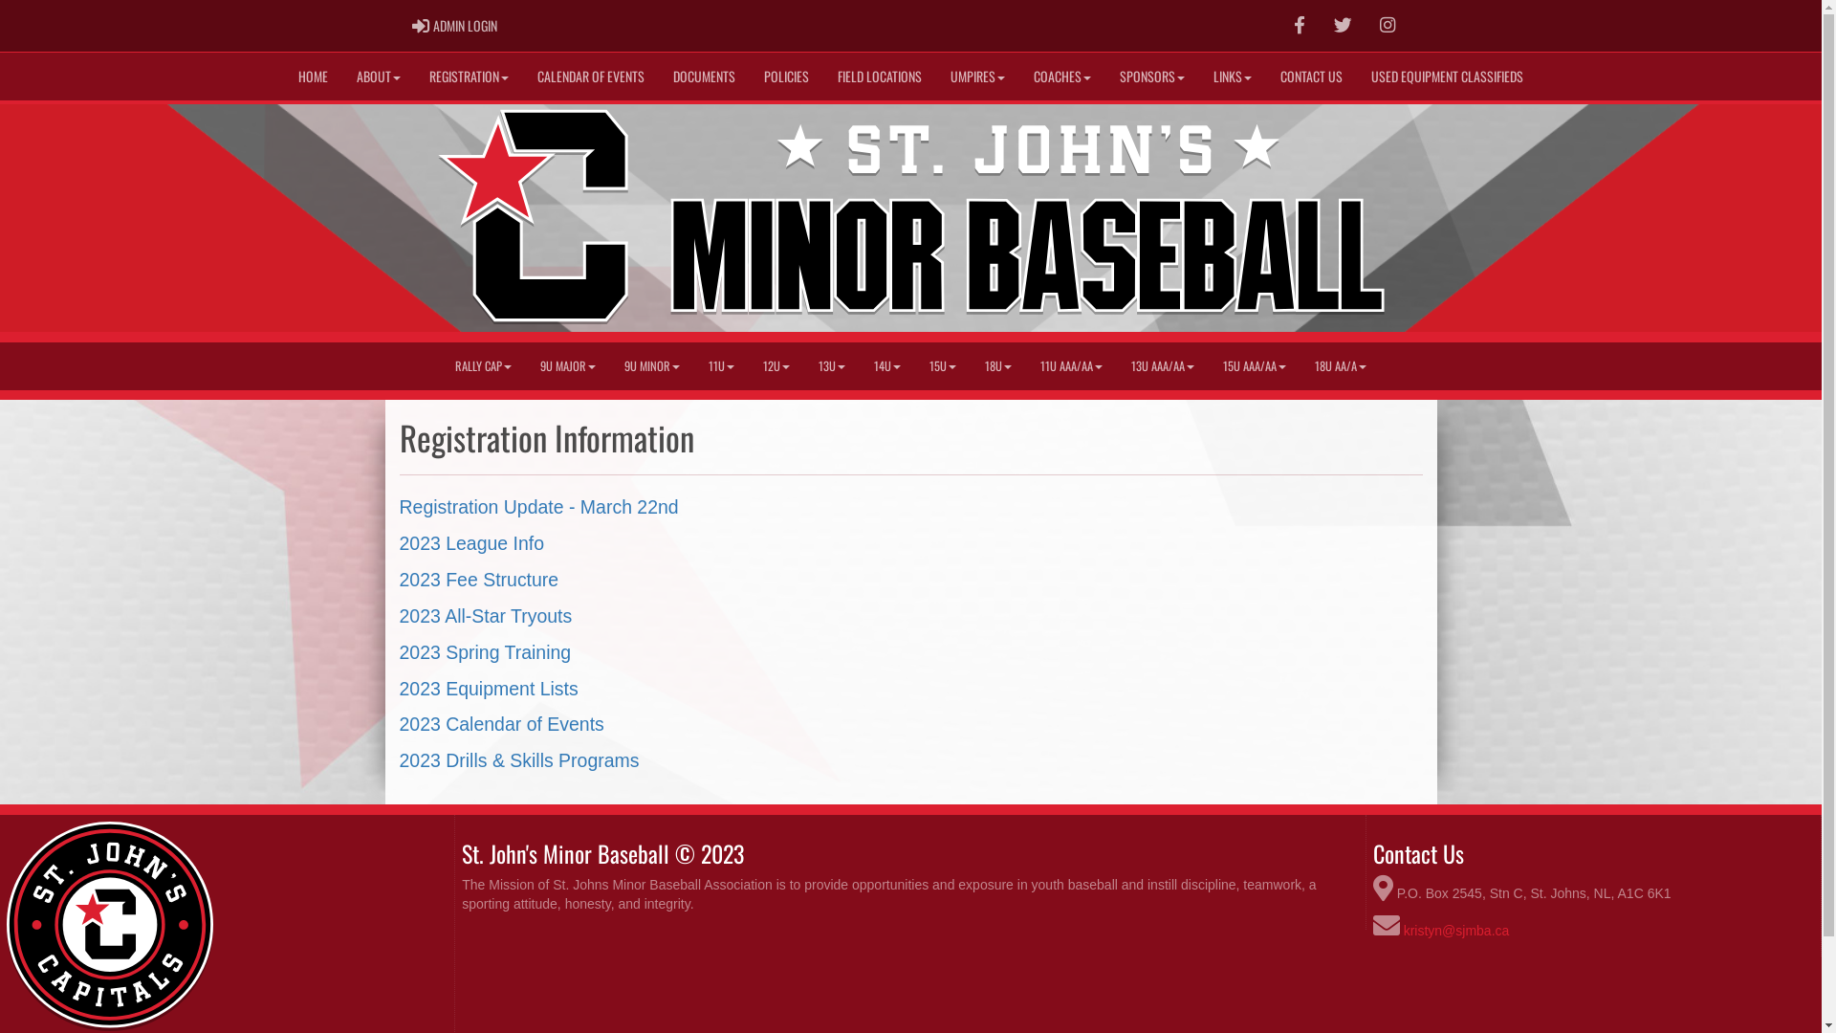 This screenshot has height=1033, width=1836. What do you see at coordinates (879, 76) in the screenshot?
I see `'FIELD LOCATIONS'` at bounding box center [879, 76].